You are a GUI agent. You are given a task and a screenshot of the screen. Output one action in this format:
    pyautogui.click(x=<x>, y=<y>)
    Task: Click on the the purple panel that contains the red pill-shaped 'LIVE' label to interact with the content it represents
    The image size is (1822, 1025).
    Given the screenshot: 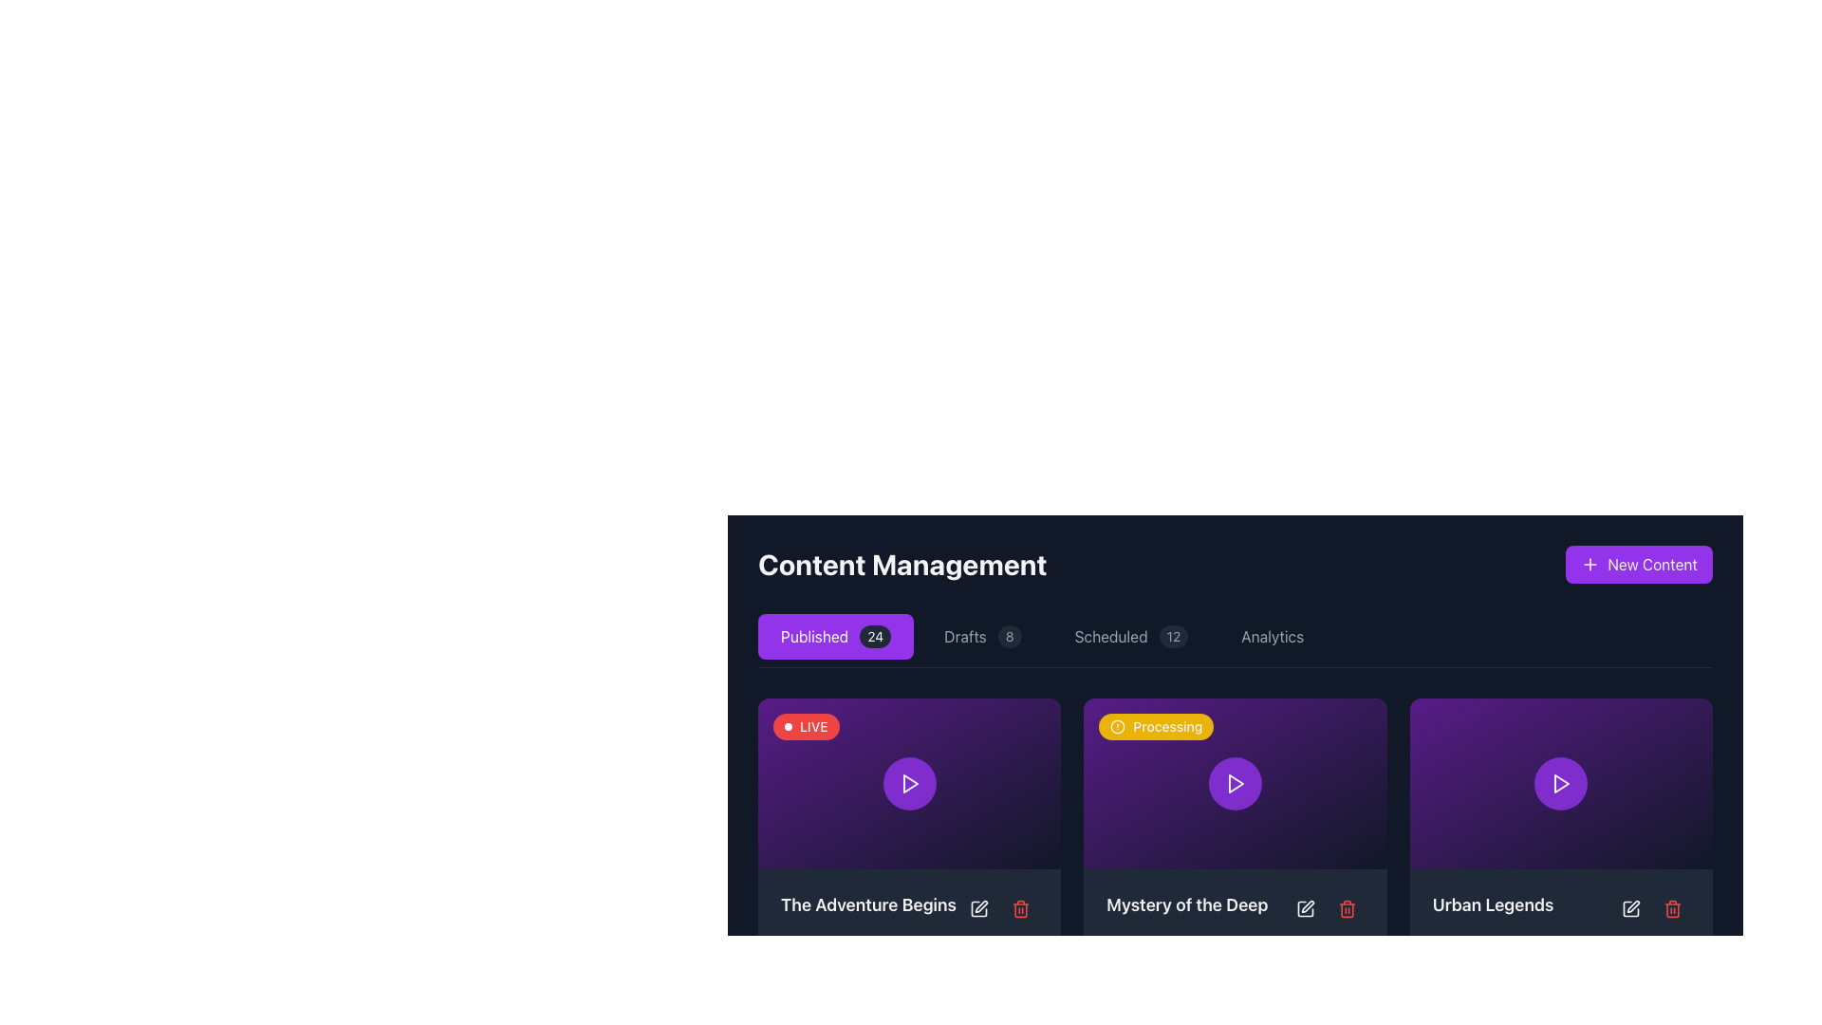 What is the action you would take?
    pyautogui.click(x=806, y=726)
    